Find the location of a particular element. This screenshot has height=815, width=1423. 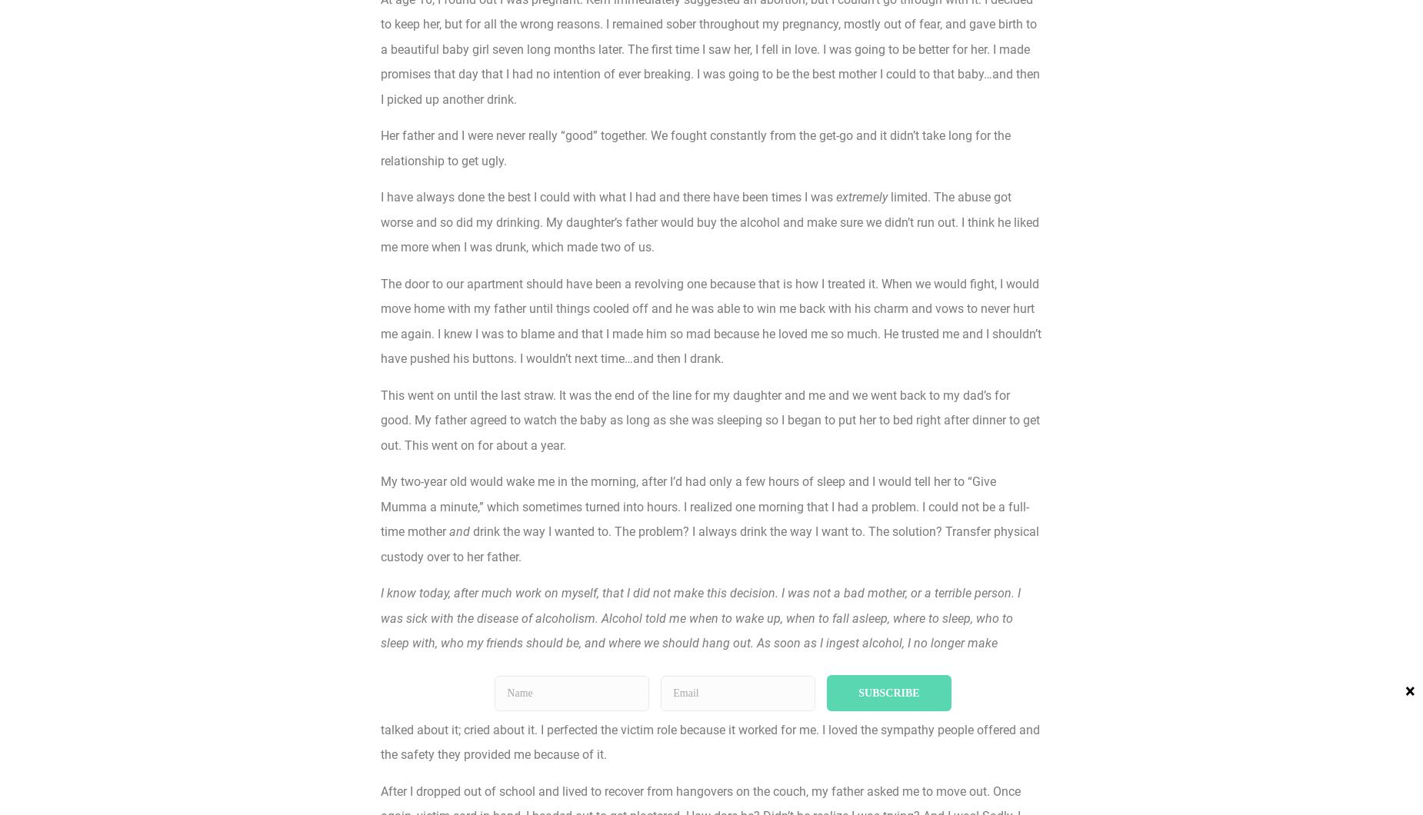

'The door to our apartment should have been a revolving one because that is how I treated it. When we would fight, I would move home with my father until things cooled off and he was able to win me back with his charm and vows to never hurt me again. I knew I was to blame and that I made him so mad because he loved me so much. He trusted me and I shouldn’t have pushed his buttons. I wouldn’t next time…and then I drank.' is located at coordinates (711, 320).